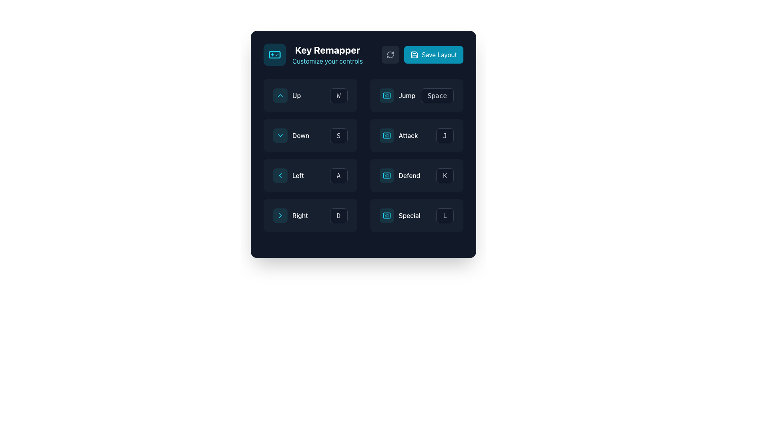 The image size is (769, 432). What do you see at coordinates (409, 175) in the screenshot?
I see `the 'Defend' text label in the Key Remapper interface` at bounding box center [409, 175].